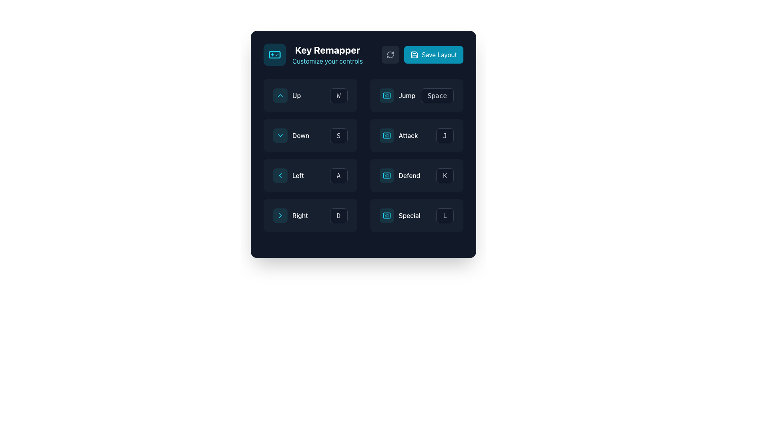 The image size is (769, 432). What do you see at coordinates (409, 175) in the screenshot?
I see `the 'Defend' text label in the Key Remapper interface` at bounding box center [409, 175].